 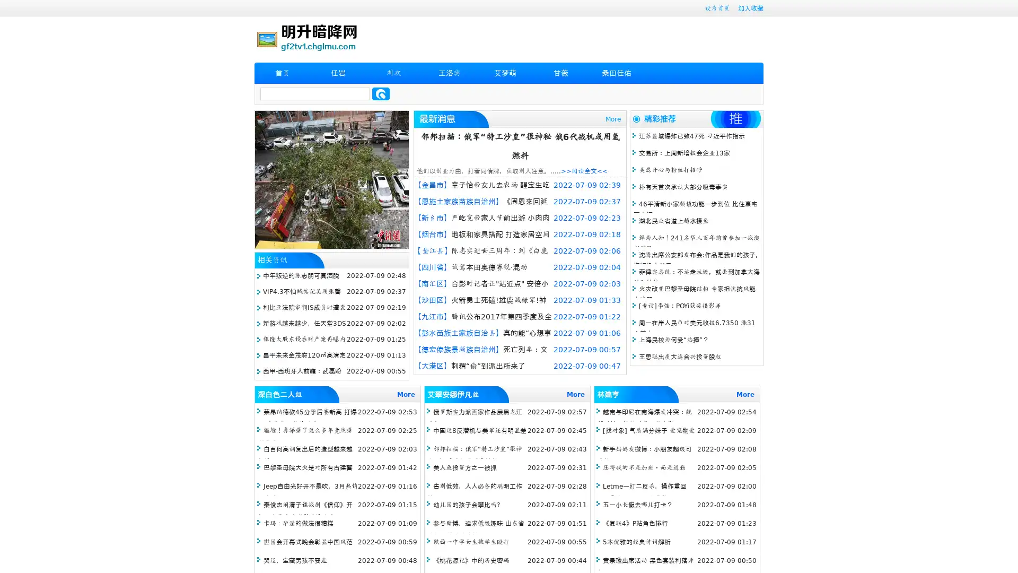 I want to click on Search, so click(x=381, y=93).